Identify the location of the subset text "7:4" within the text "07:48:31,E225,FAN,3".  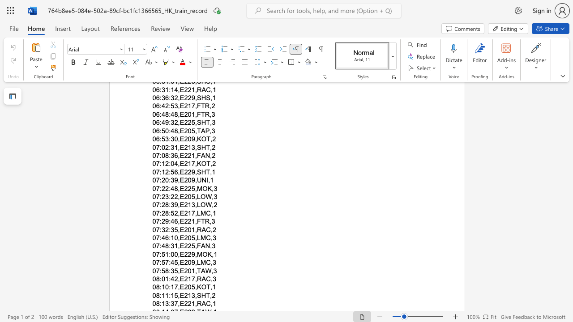
(156, 246).